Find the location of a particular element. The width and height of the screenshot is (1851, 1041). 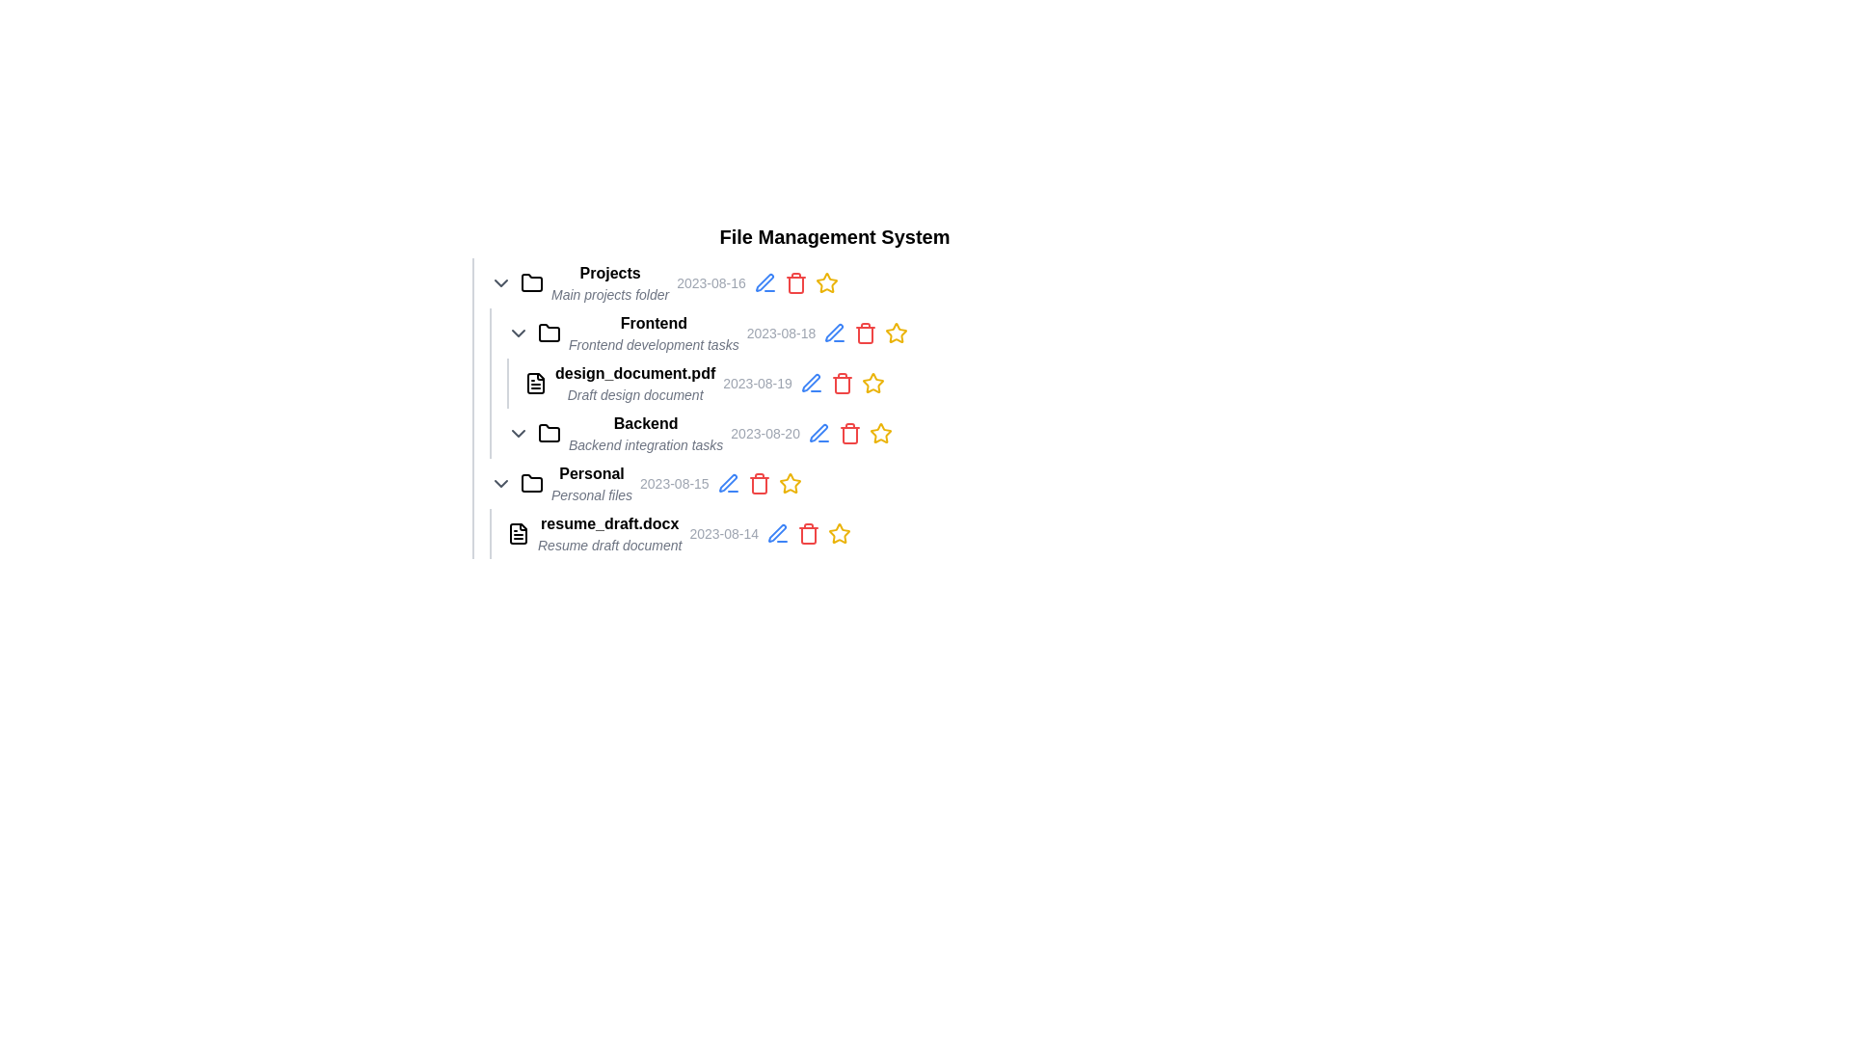

the text label element displaying 'Personal' located under the 'Backend' folder in the file tree is located at coordinates (591, 474).